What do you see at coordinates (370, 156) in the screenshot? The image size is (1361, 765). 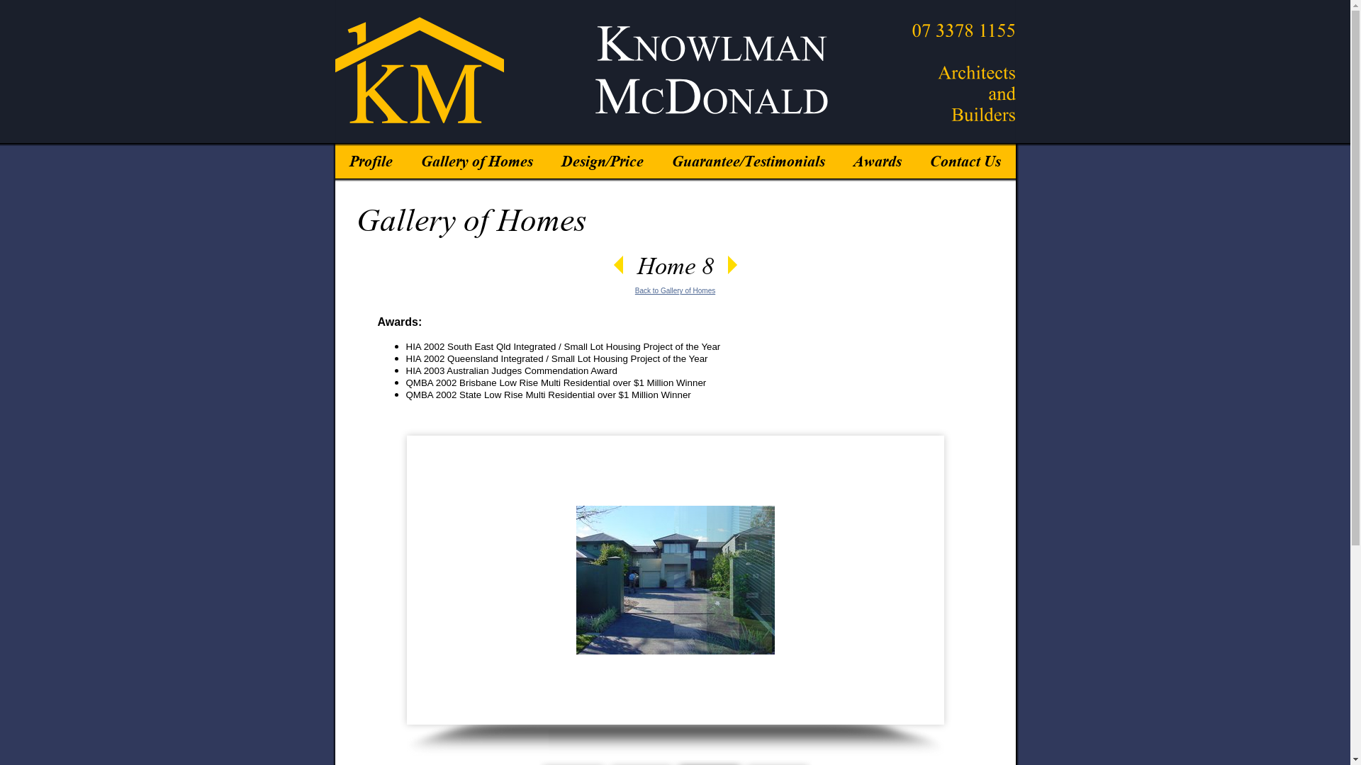 I see `'Profile'` at bounding box center [370, 156].